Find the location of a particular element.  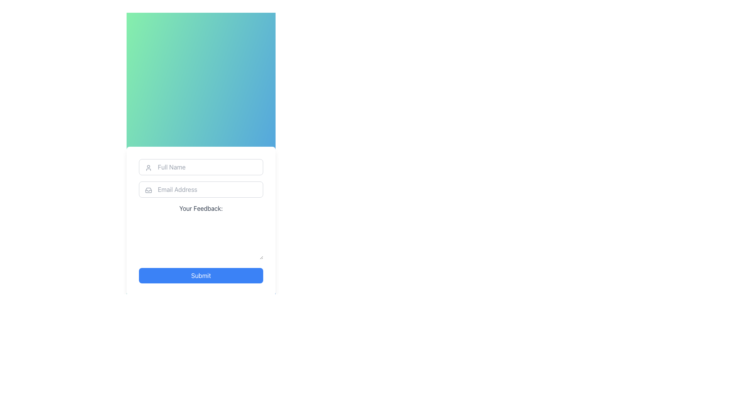

the icon that serves as a visual cue for the email input field, located on the left side near the top of the input field is located at coordinates (148, 190).